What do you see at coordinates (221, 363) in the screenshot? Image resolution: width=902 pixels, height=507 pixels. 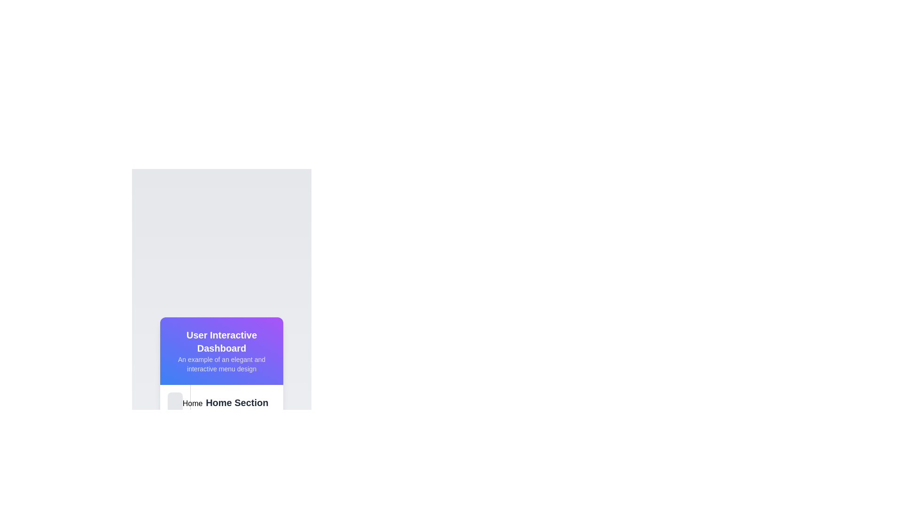 I see `the text in the Text block located below the 'User Interactive Dashboard' header to copy it` at bounding box center [221, 363].